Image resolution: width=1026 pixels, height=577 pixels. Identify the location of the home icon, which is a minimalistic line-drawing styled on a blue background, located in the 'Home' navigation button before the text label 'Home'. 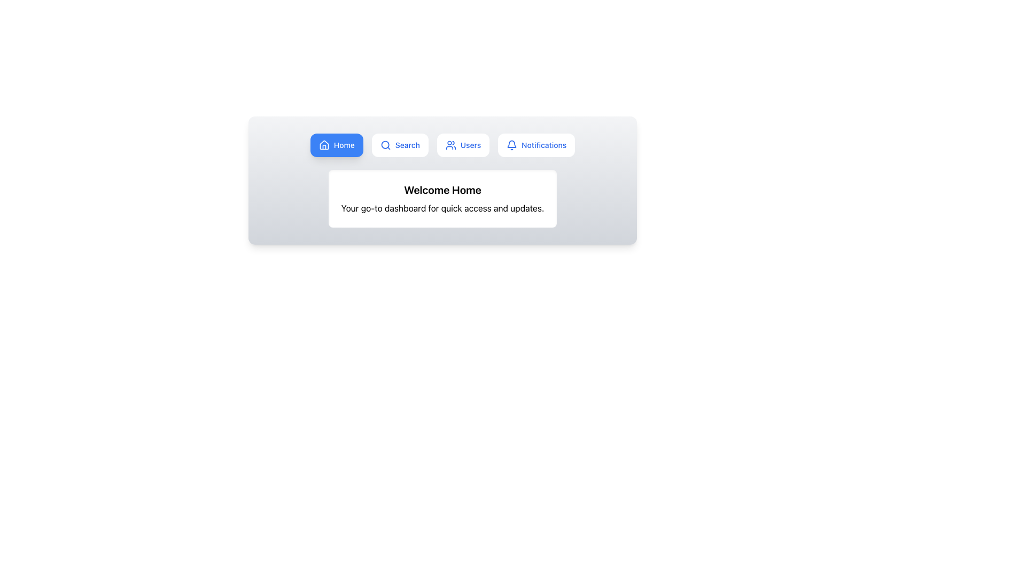
(323, 145).